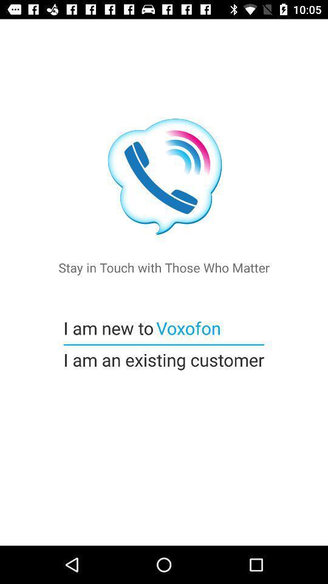 The height and width of the screenshot is (584, 328). What do you see at coordinates (187, 327) in the screenshot?
I see `voxofon` at bounding box center [187, 327].